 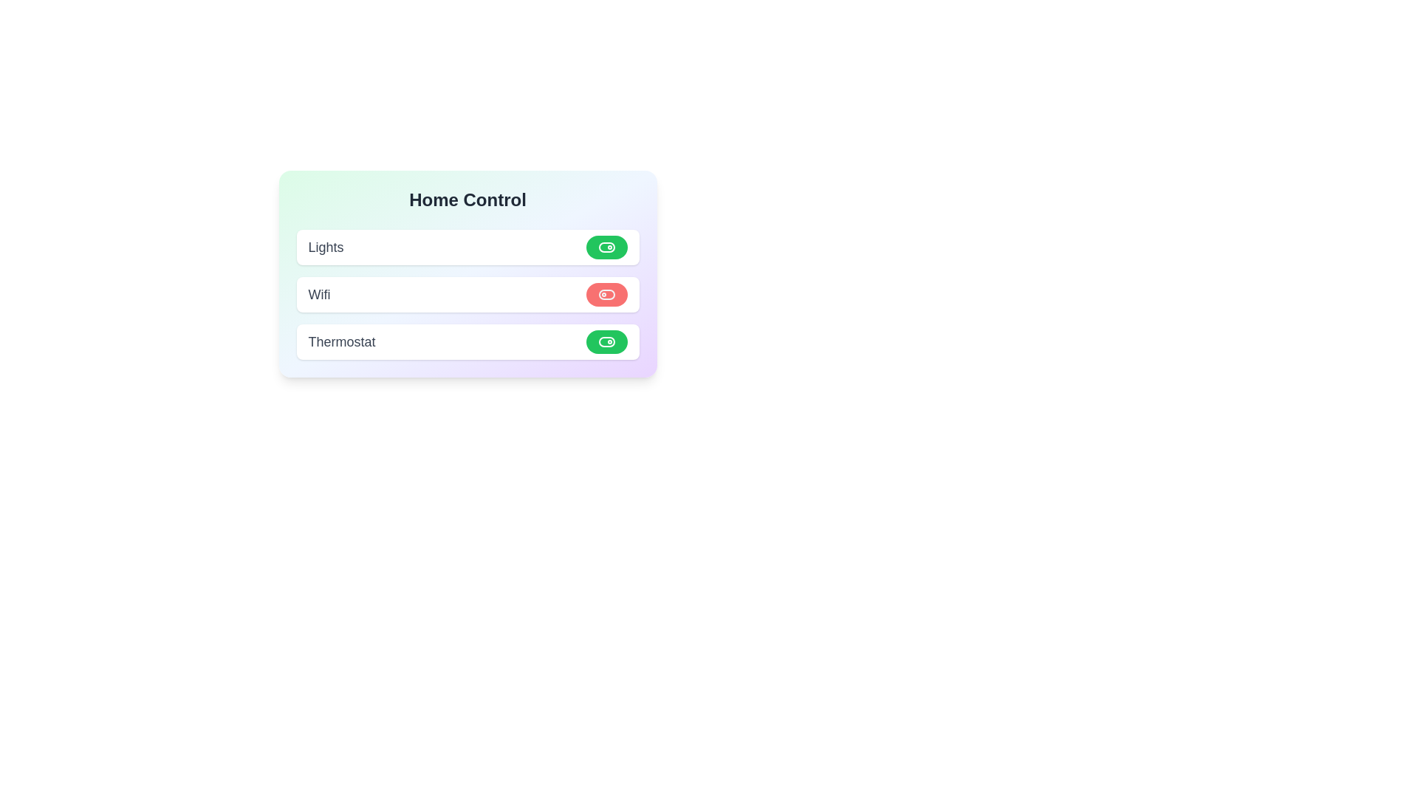 What do you see at coordinates (606, 247) in the screenshot?
I see `the active green toggle switch located in the 'lights' section to change its state` at bounding box center [606, 247].